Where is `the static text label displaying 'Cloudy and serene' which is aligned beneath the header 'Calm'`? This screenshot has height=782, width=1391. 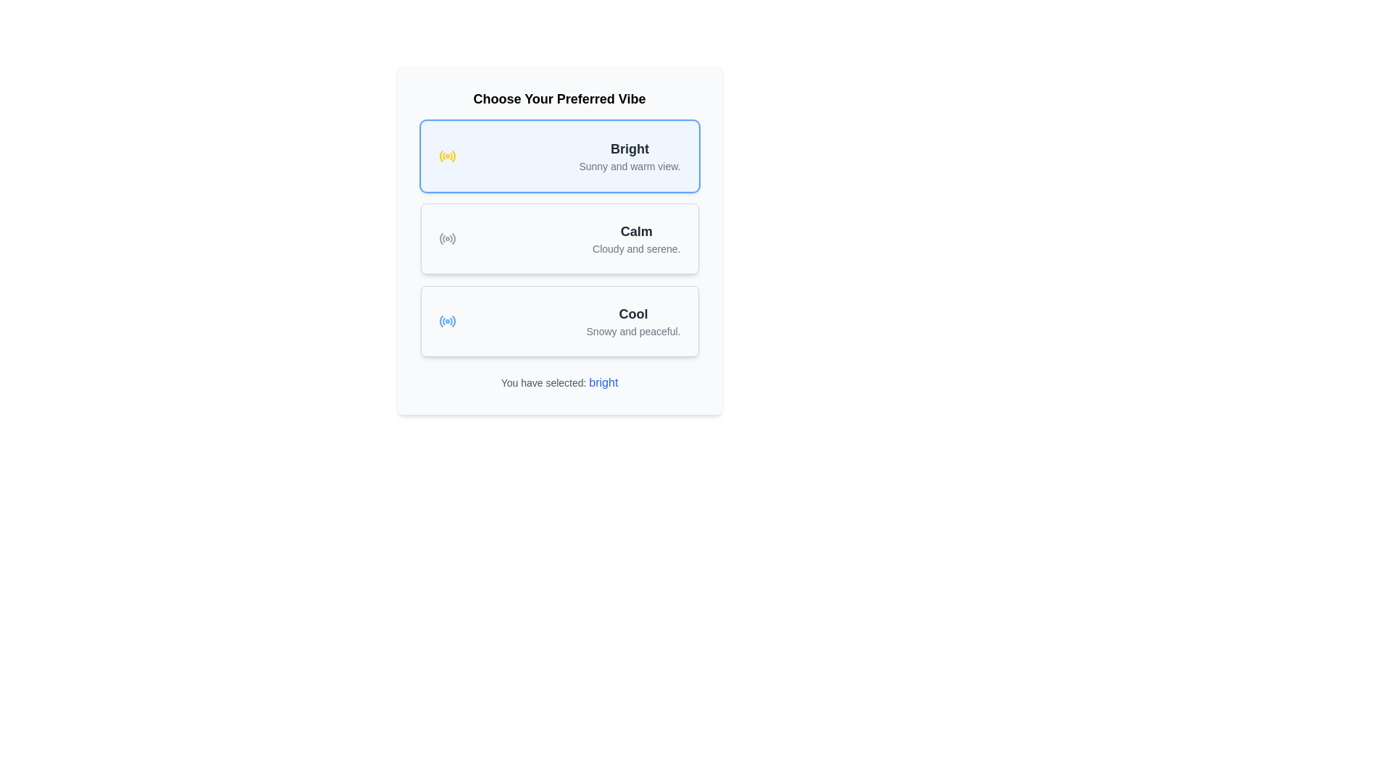 the static text label displaying 'Cloudy and serene' which is aligned beneath the header 'Calm' is located at coordinates (636, 248).